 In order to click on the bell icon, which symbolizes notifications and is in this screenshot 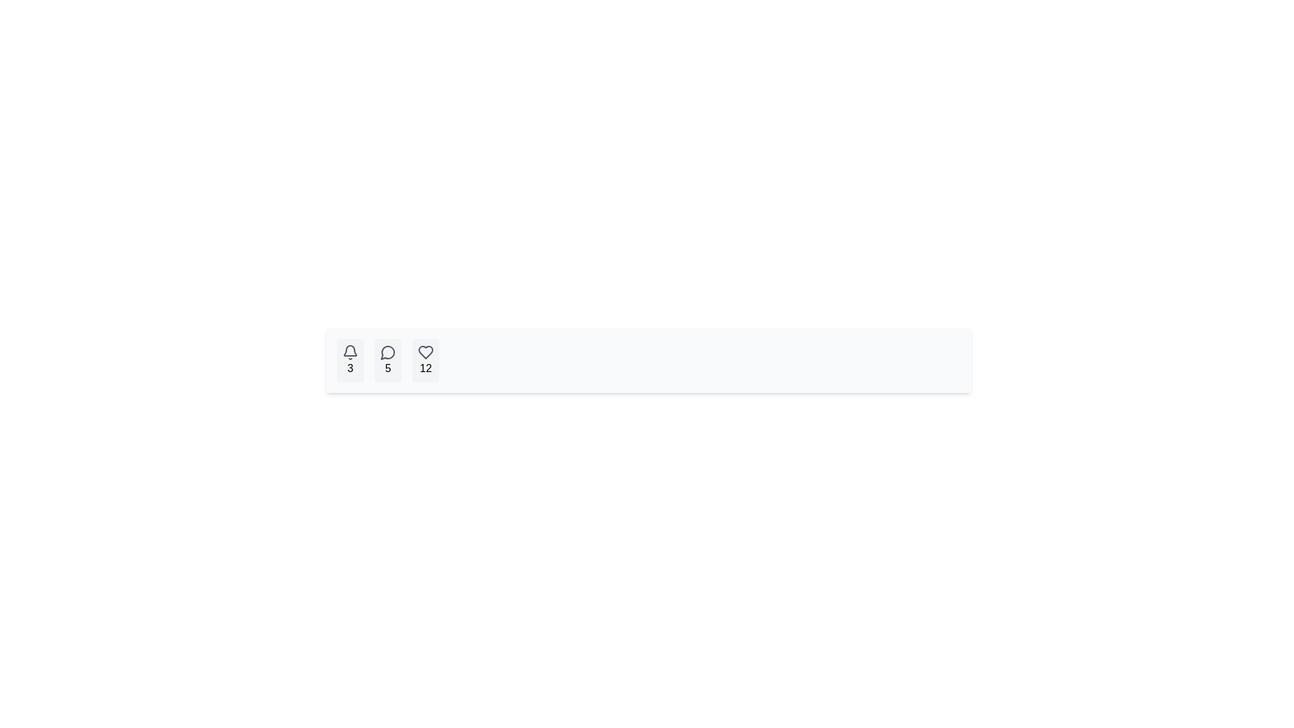, I will do `click(350, 352)`.